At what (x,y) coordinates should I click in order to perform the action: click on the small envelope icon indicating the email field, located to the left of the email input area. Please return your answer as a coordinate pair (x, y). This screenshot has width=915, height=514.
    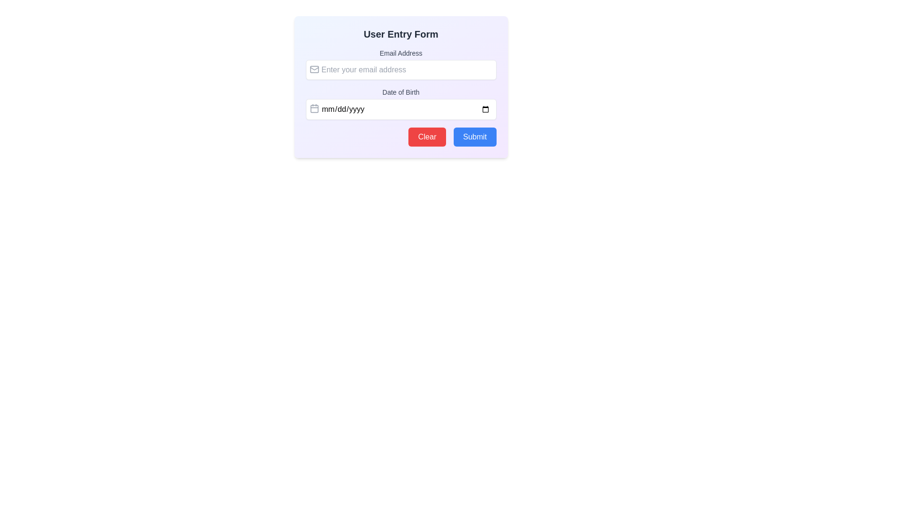
    Looking at the image, I should click on (314, 69).